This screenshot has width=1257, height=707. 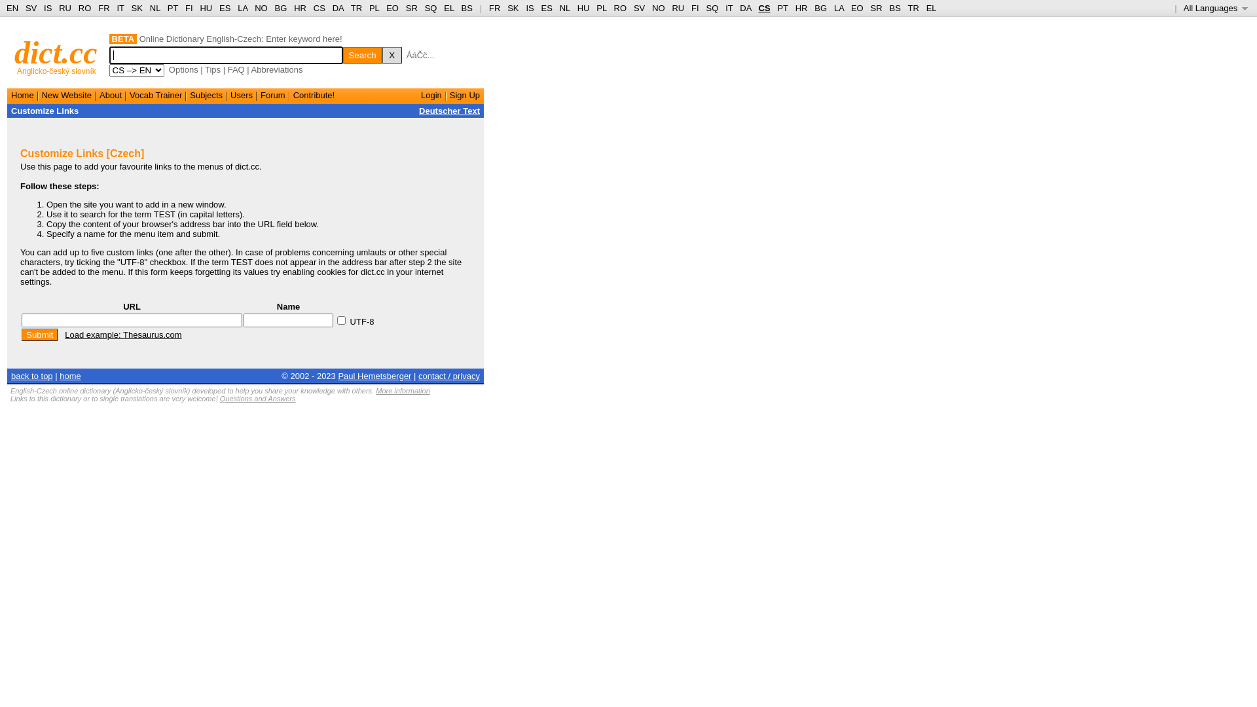 What do you see at coordinates (55, 52) in the screenshot?
I see `'dict.cc'` at bounding box center [55, 52].